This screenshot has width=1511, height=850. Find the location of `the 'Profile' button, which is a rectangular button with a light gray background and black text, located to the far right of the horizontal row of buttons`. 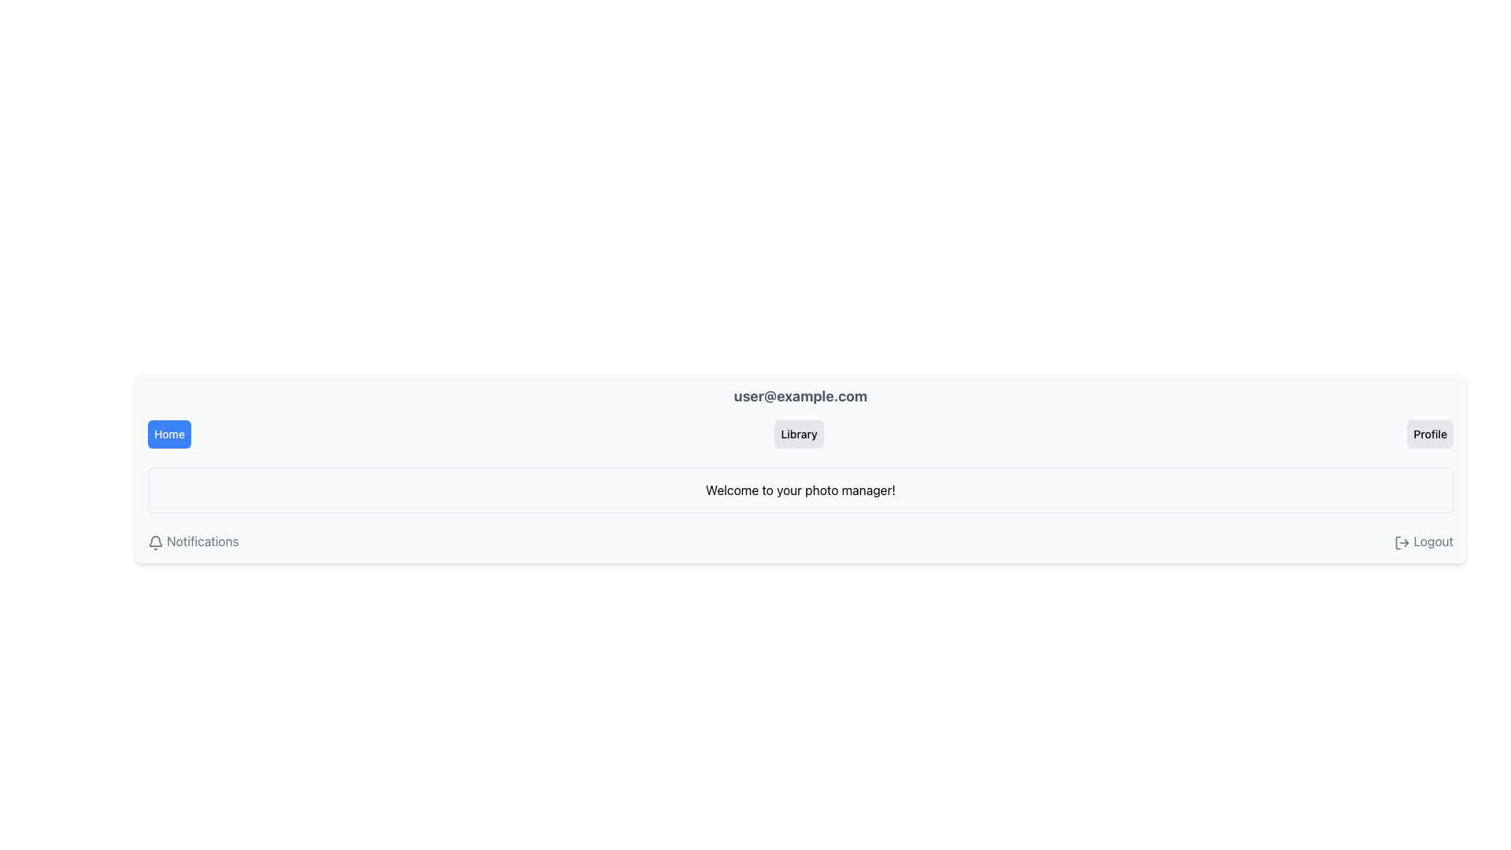

the 'Profile' button, which is a rectangular button with a light gray background and black text, located to the far right of the horizontal row of buttons is located at coordinates (1430, 434).